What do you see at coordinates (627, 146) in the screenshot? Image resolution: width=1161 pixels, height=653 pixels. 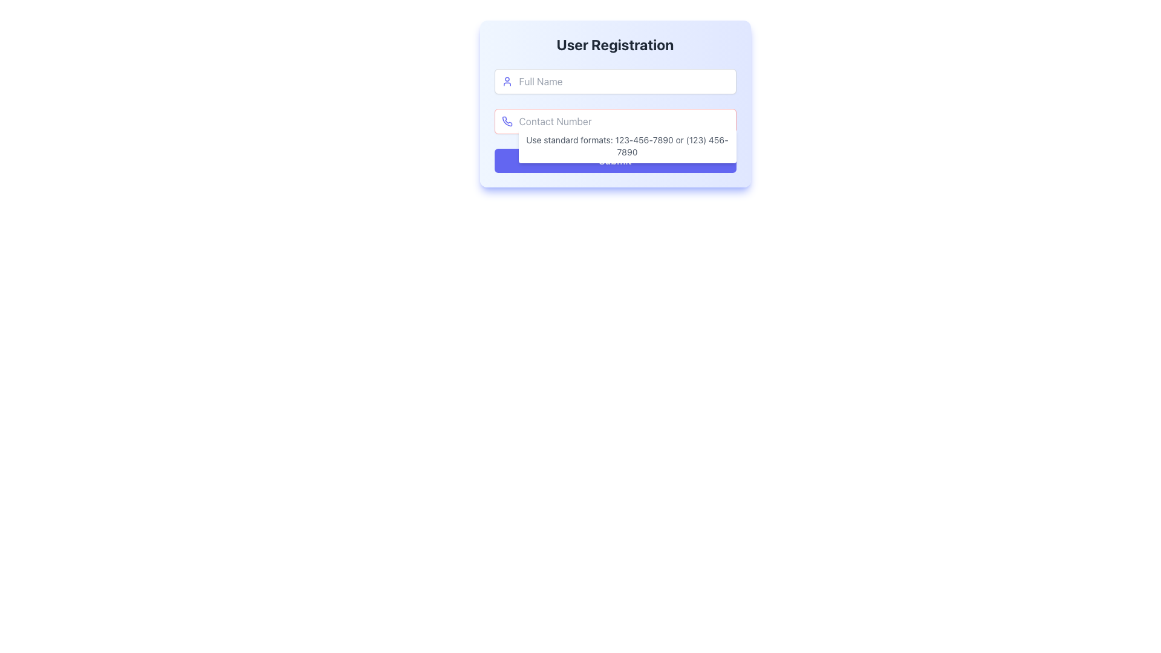 I see `instructional tooltip providing acceptable phone number formats for the 'Contact Number' input field, which is positioned directly below the input field` at bounding box center [627, 146].